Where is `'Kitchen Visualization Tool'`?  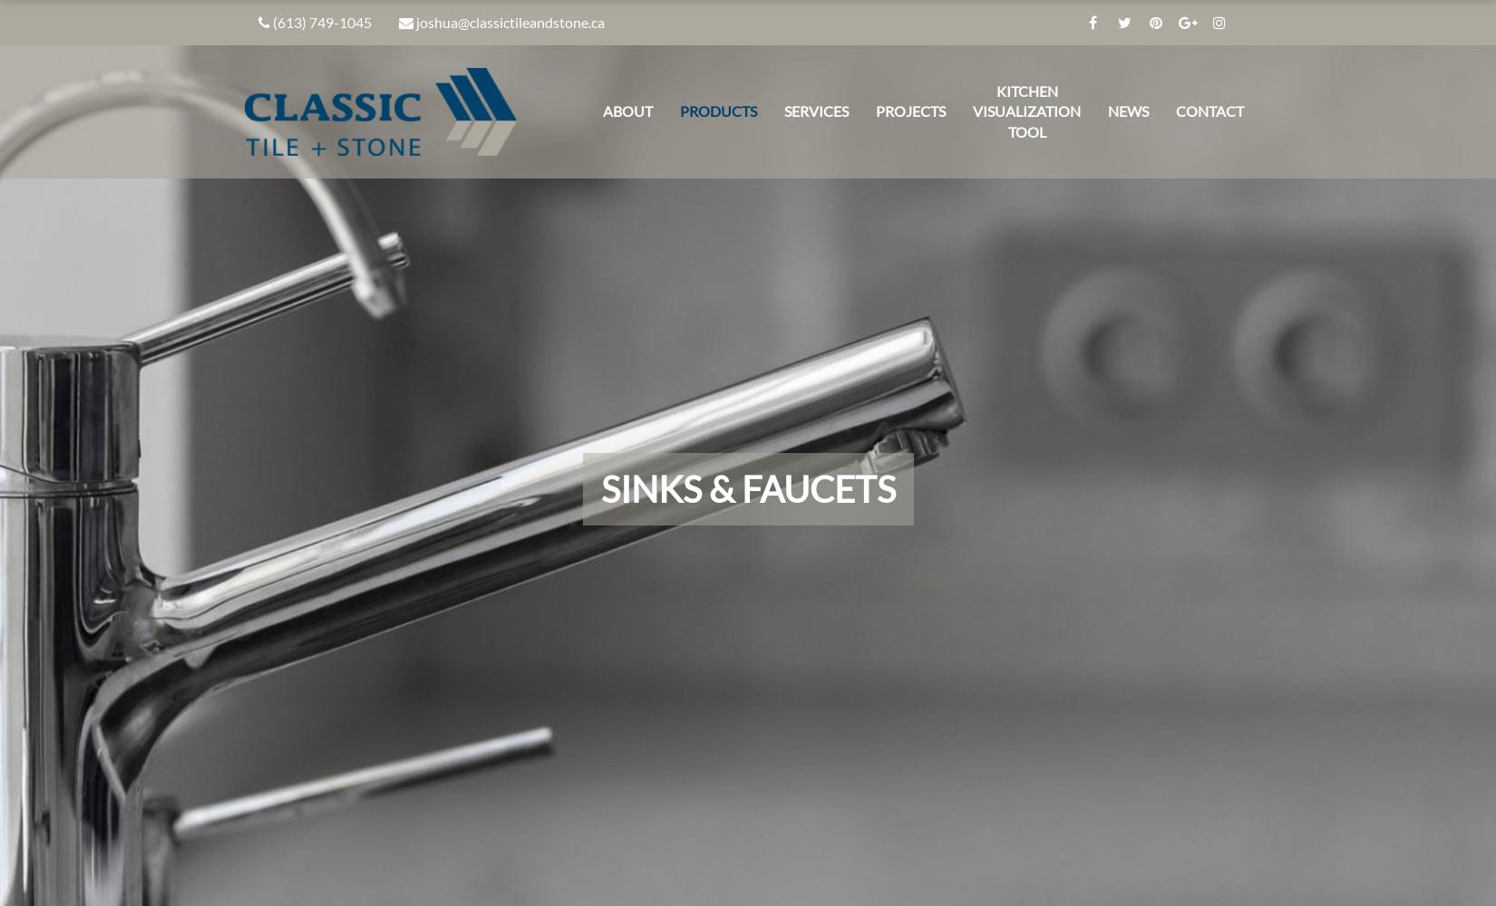
'Kitchen Visualization Tool' is located at coordinates (1026, 110).